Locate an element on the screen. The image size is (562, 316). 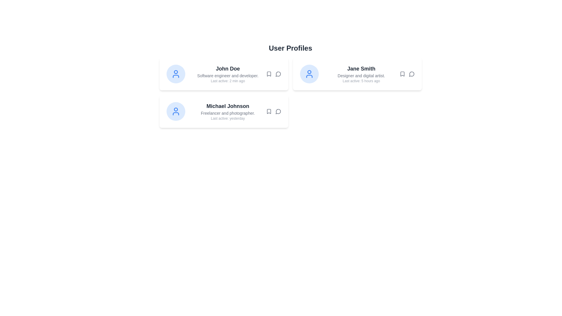
the Profile card located at the bottom-left of the grid, which contains a user avatar, name, profession, and last active time is located at coordinates (223, 111).